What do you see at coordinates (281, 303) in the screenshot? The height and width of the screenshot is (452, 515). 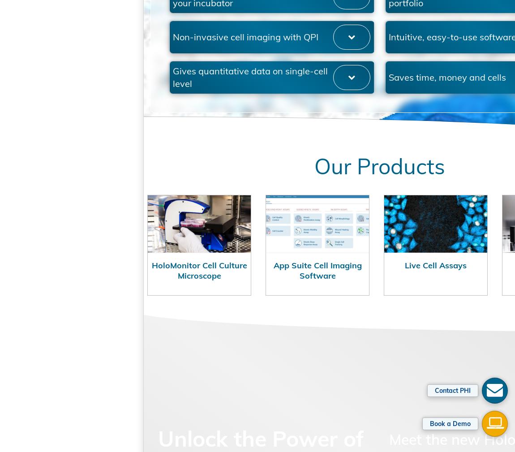 I see `'App Suite Cell Imaging Software'` at bounding box center [281, 303].